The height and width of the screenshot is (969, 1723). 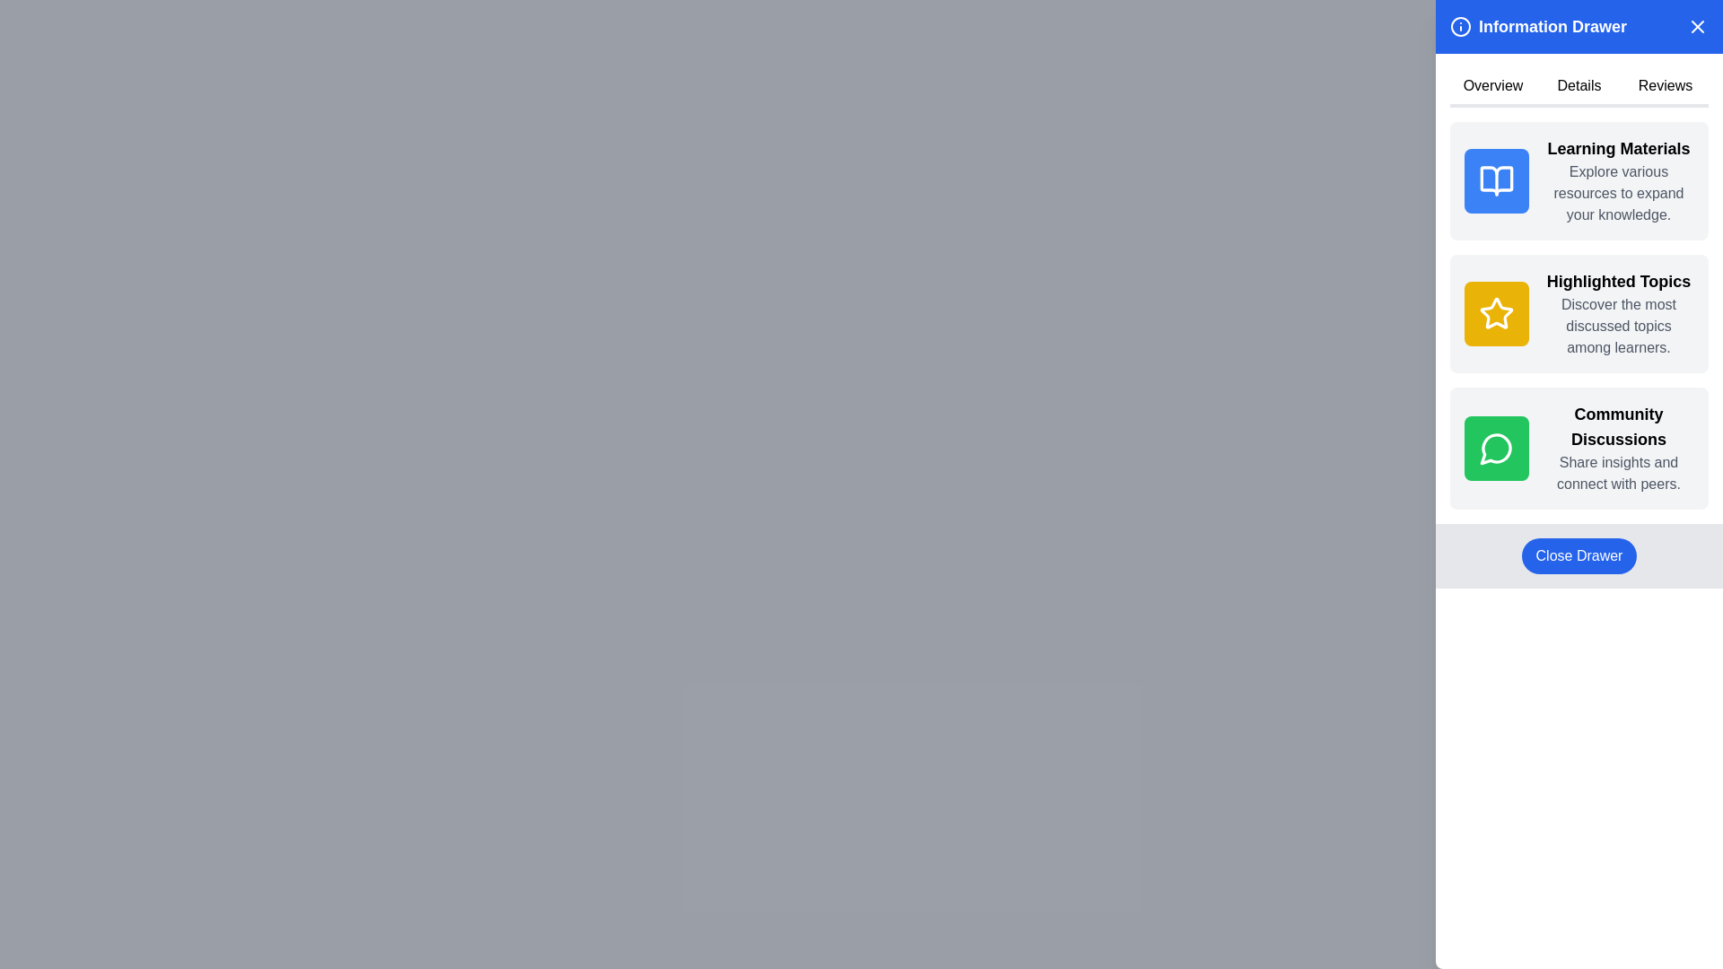 What do you see at coordinates (1497, 313) in the screenshot?
I see `the decorative icon representing the 'Highlighted Topics' section, located on the left side of the label and above the descriptive text` at bounding box center [1497, 313].